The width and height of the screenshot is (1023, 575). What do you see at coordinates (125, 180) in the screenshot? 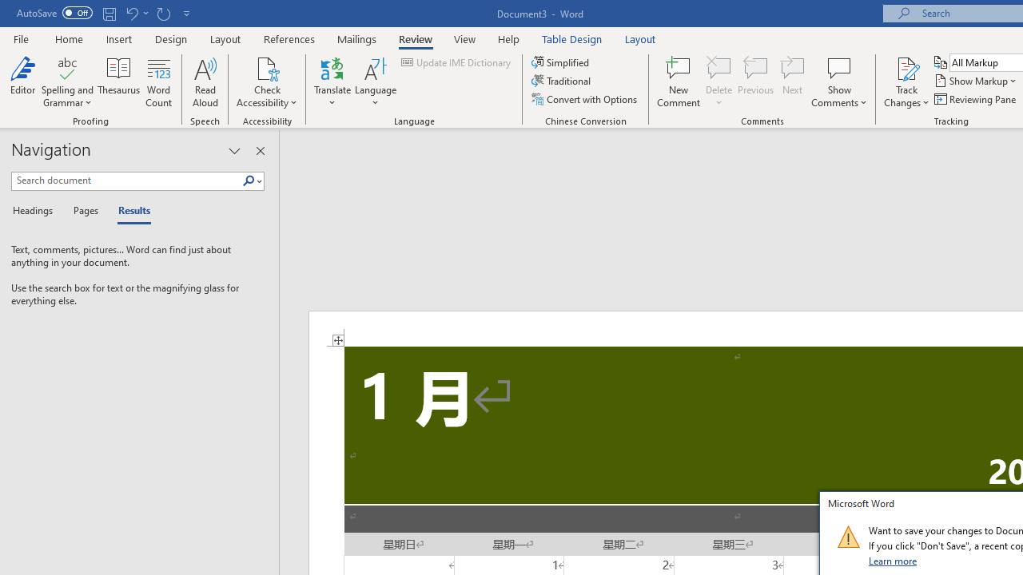
I see `'Search document'` at bounding box center [125, 180].